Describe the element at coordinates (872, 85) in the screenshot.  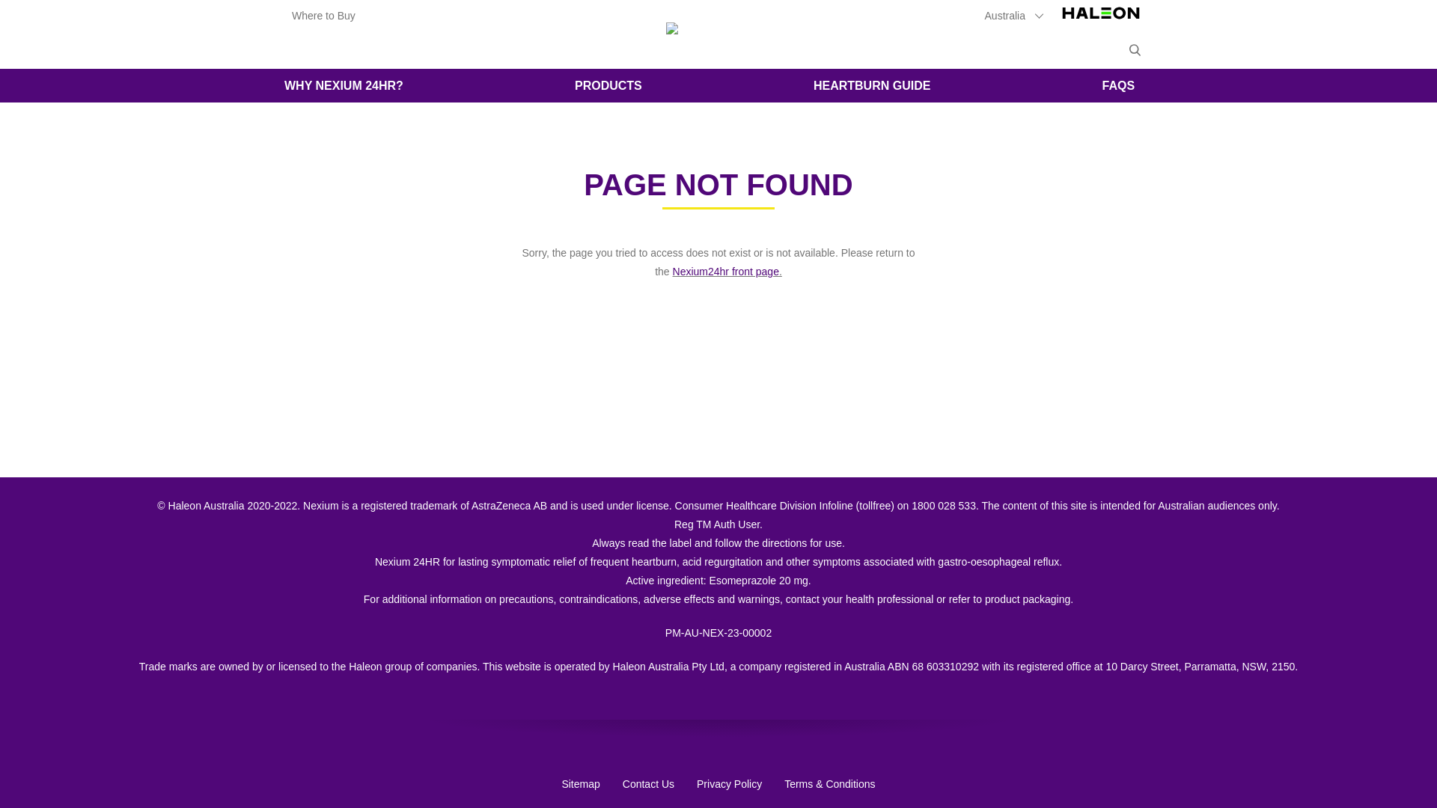
I see `'HEARTBURN GUIDE'` at that location.